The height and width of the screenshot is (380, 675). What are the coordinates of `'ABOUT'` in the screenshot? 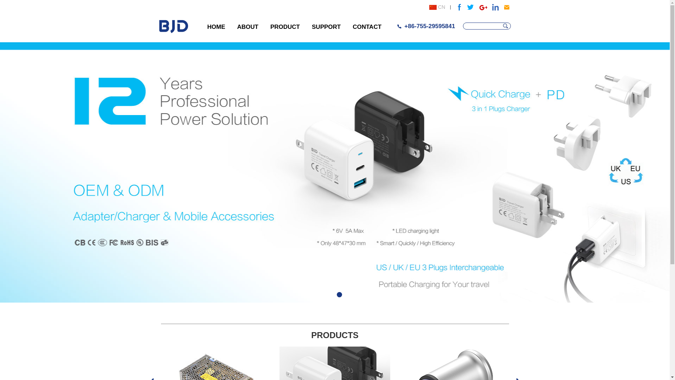 It's located at (248, 27).